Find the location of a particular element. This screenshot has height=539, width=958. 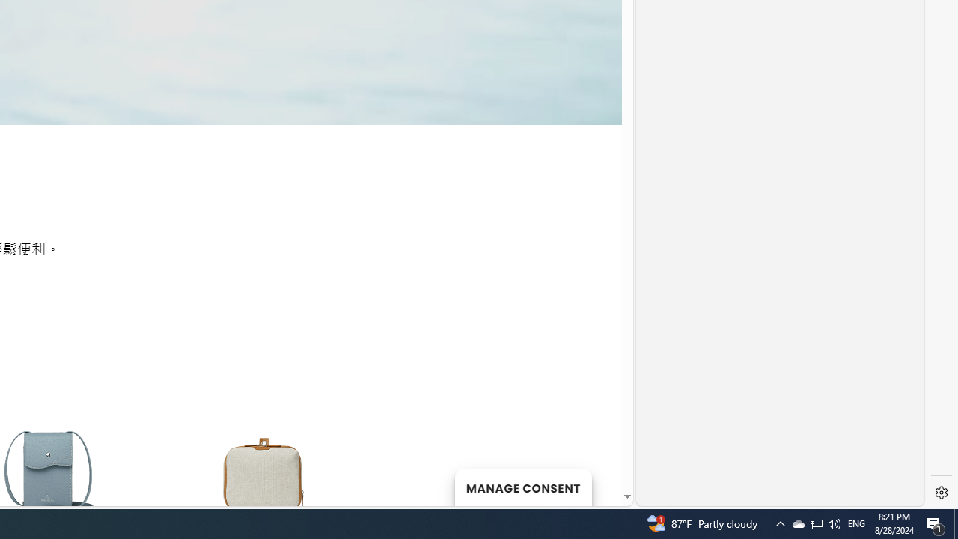

'MANAGE CONSENT' is located at coordinates (522, 487).